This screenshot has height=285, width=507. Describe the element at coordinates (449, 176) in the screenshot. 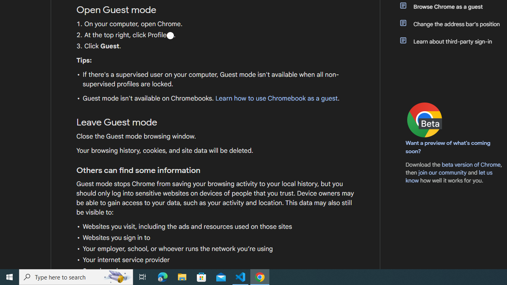

I see `'let us know'` at that location.